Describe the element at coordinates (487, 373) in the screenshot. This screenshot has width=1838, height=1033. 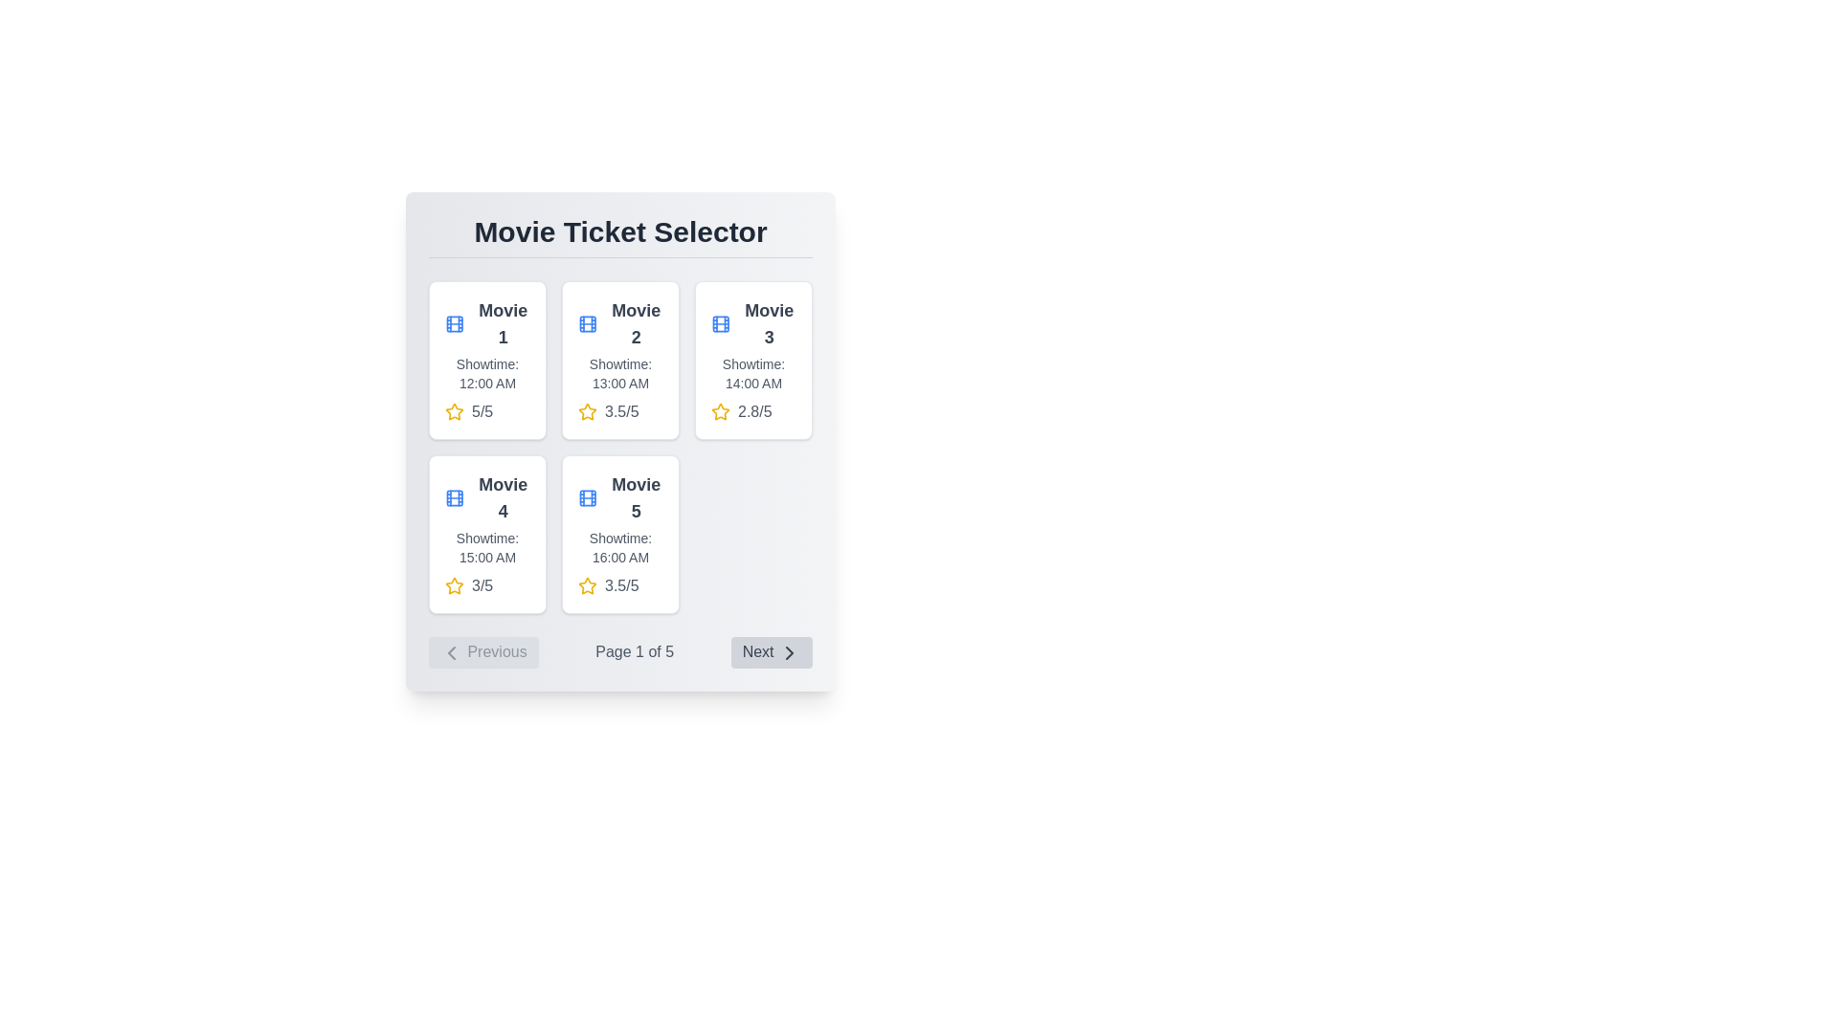
I see `text label displaying the scheduled showtime for 'Movie 1', located in the first row and first column of the grid layout, directly below the movie title` at that location.